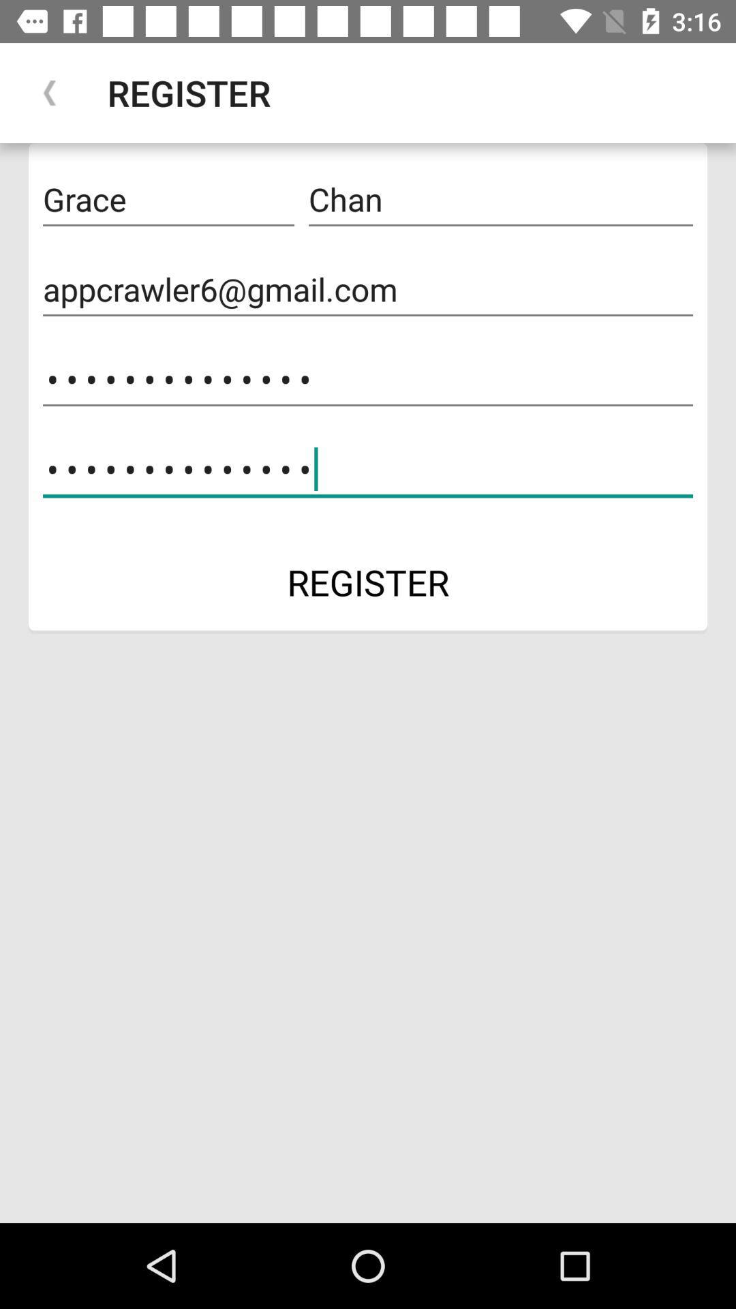  I want to click on icon above the appcrawler6@gmail.com, so click(168, 199).